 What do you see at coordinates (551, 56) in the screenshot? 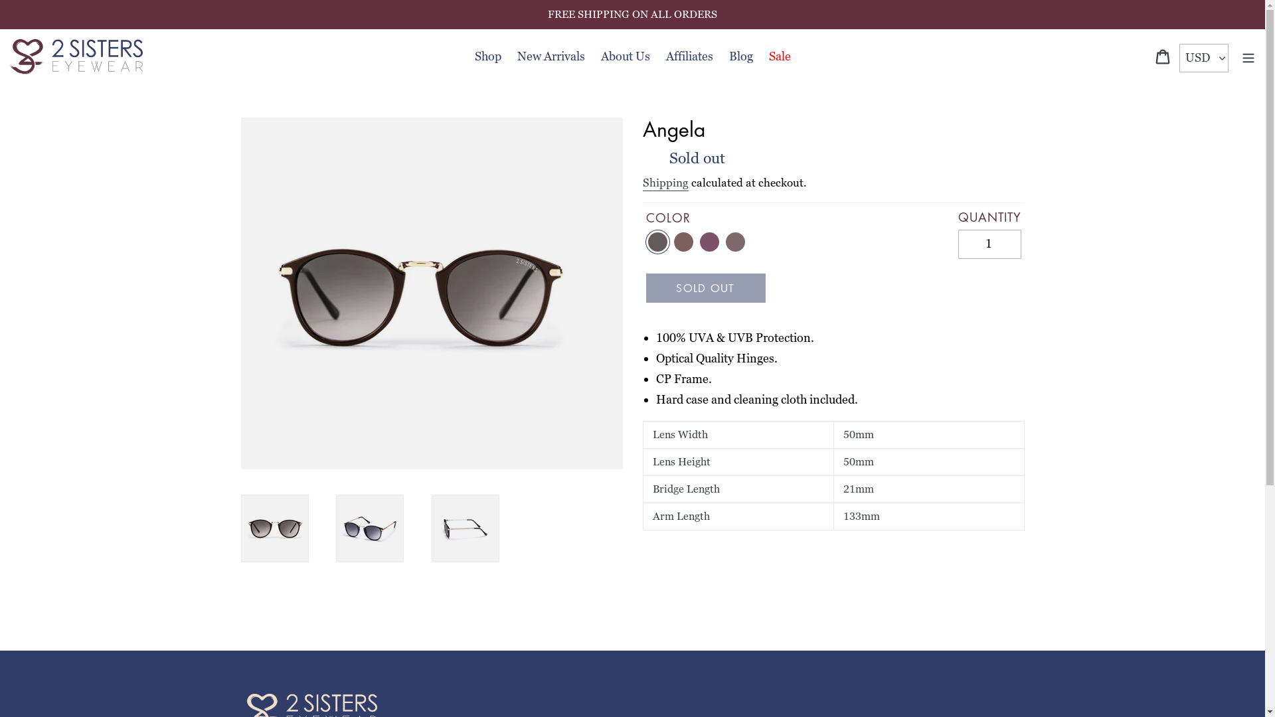
I see `'New Arrivals'` at bounding box center [551, 56].